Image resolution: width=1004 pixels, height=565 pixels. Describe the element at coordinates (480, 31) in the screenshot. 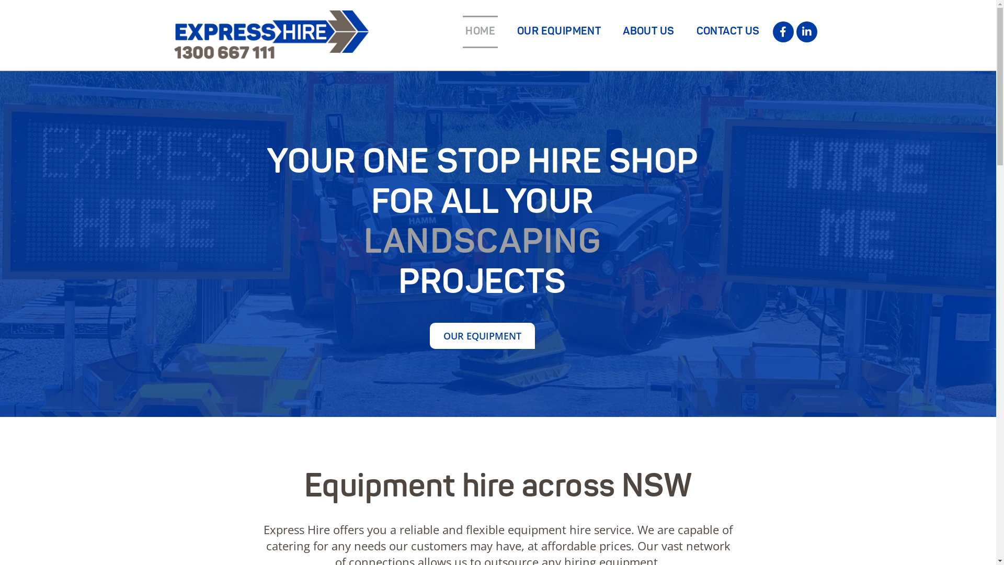

I see `'HOME'` at that location.